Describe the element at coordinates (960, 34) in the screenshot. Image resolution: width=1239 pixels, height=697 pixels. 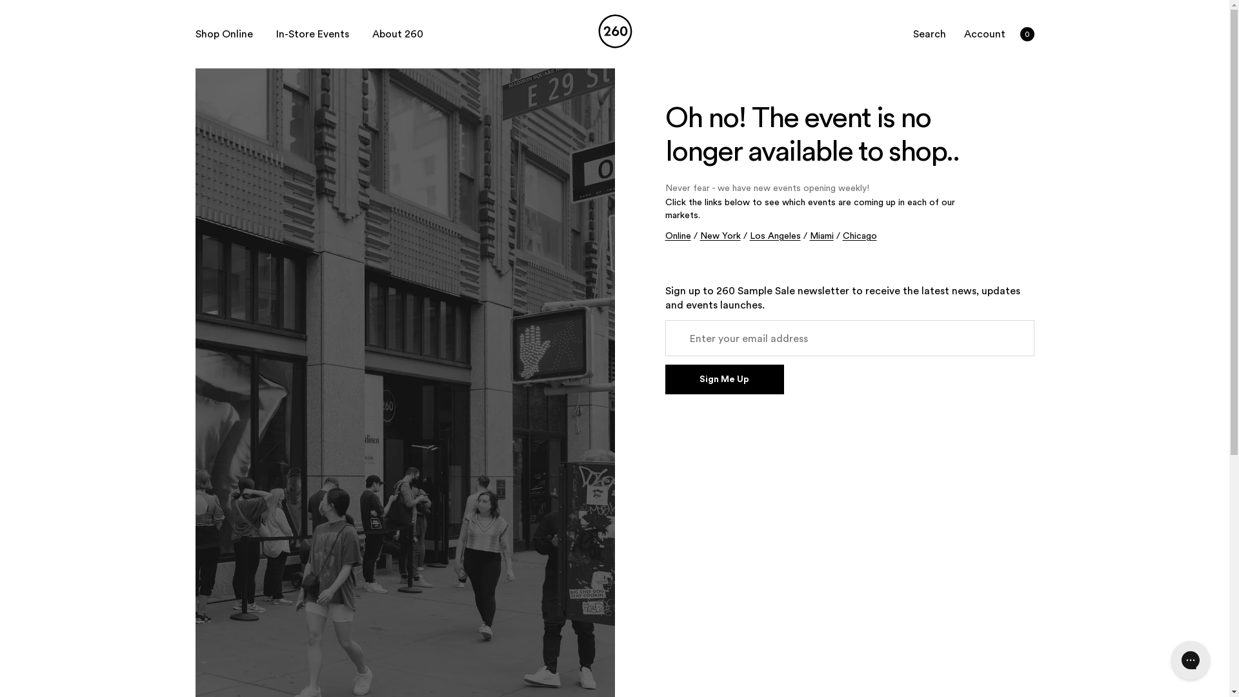
I see `'Account'` at that location.